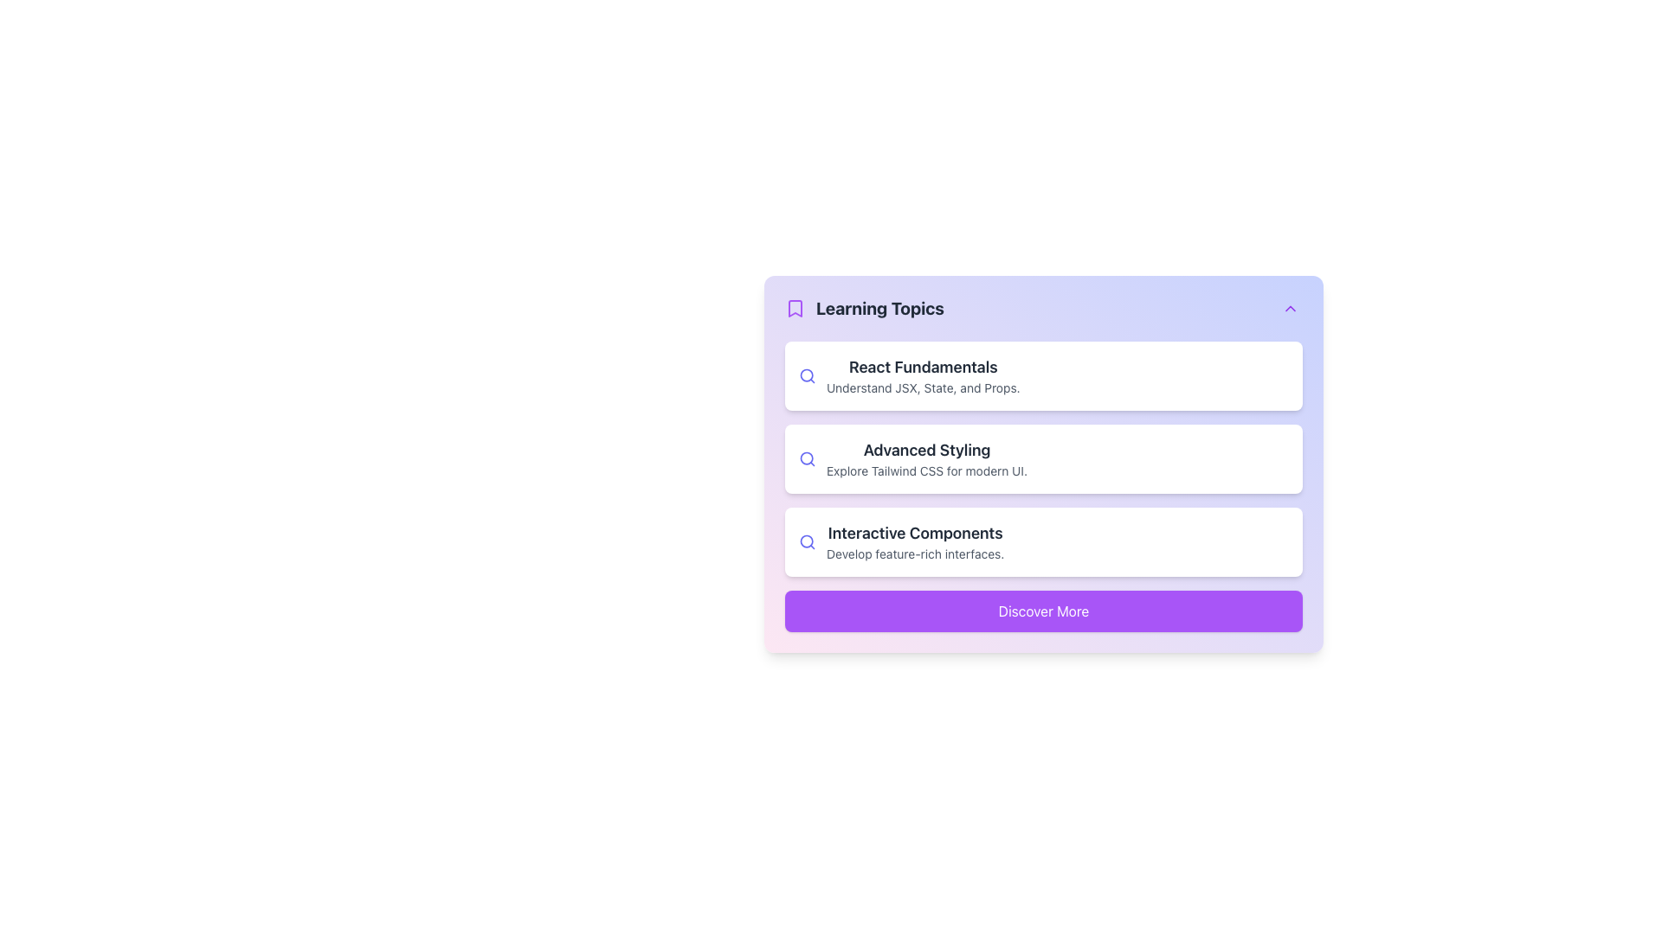  What do you see at coordinates (1291, 308) in the screenshot?
I see `the toggle button located at the top right corner of the 'Learning Topics' section` at bounding box center [1291, 308].